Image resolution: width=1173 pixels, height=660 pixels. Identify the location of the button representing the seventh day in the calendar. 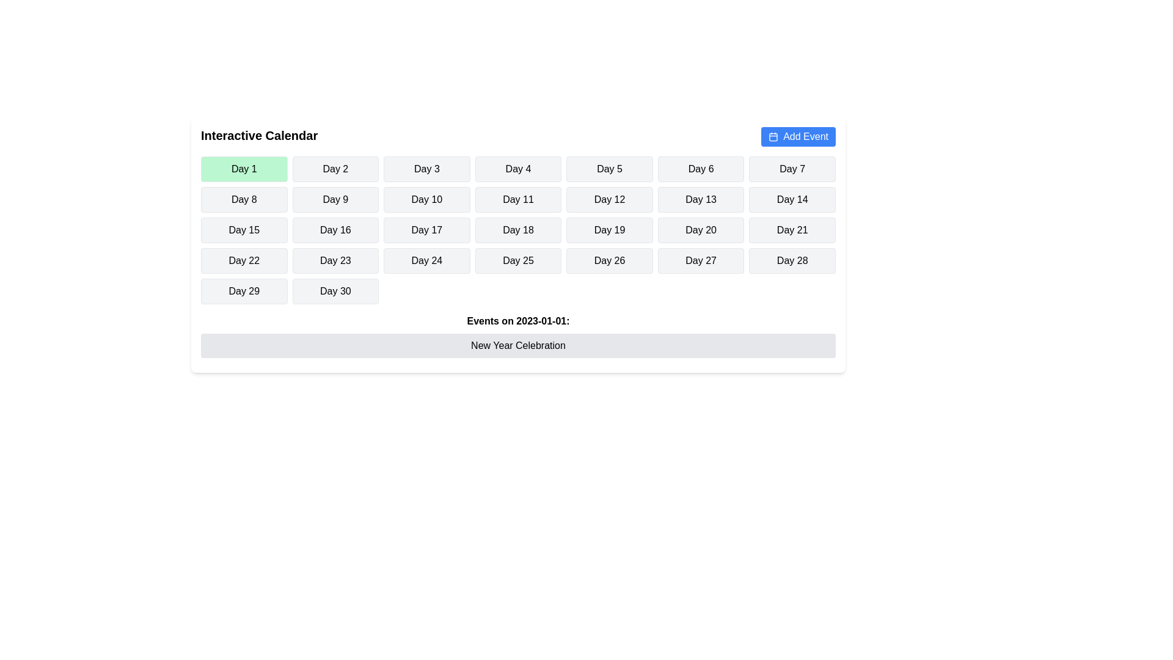
(792, 169).